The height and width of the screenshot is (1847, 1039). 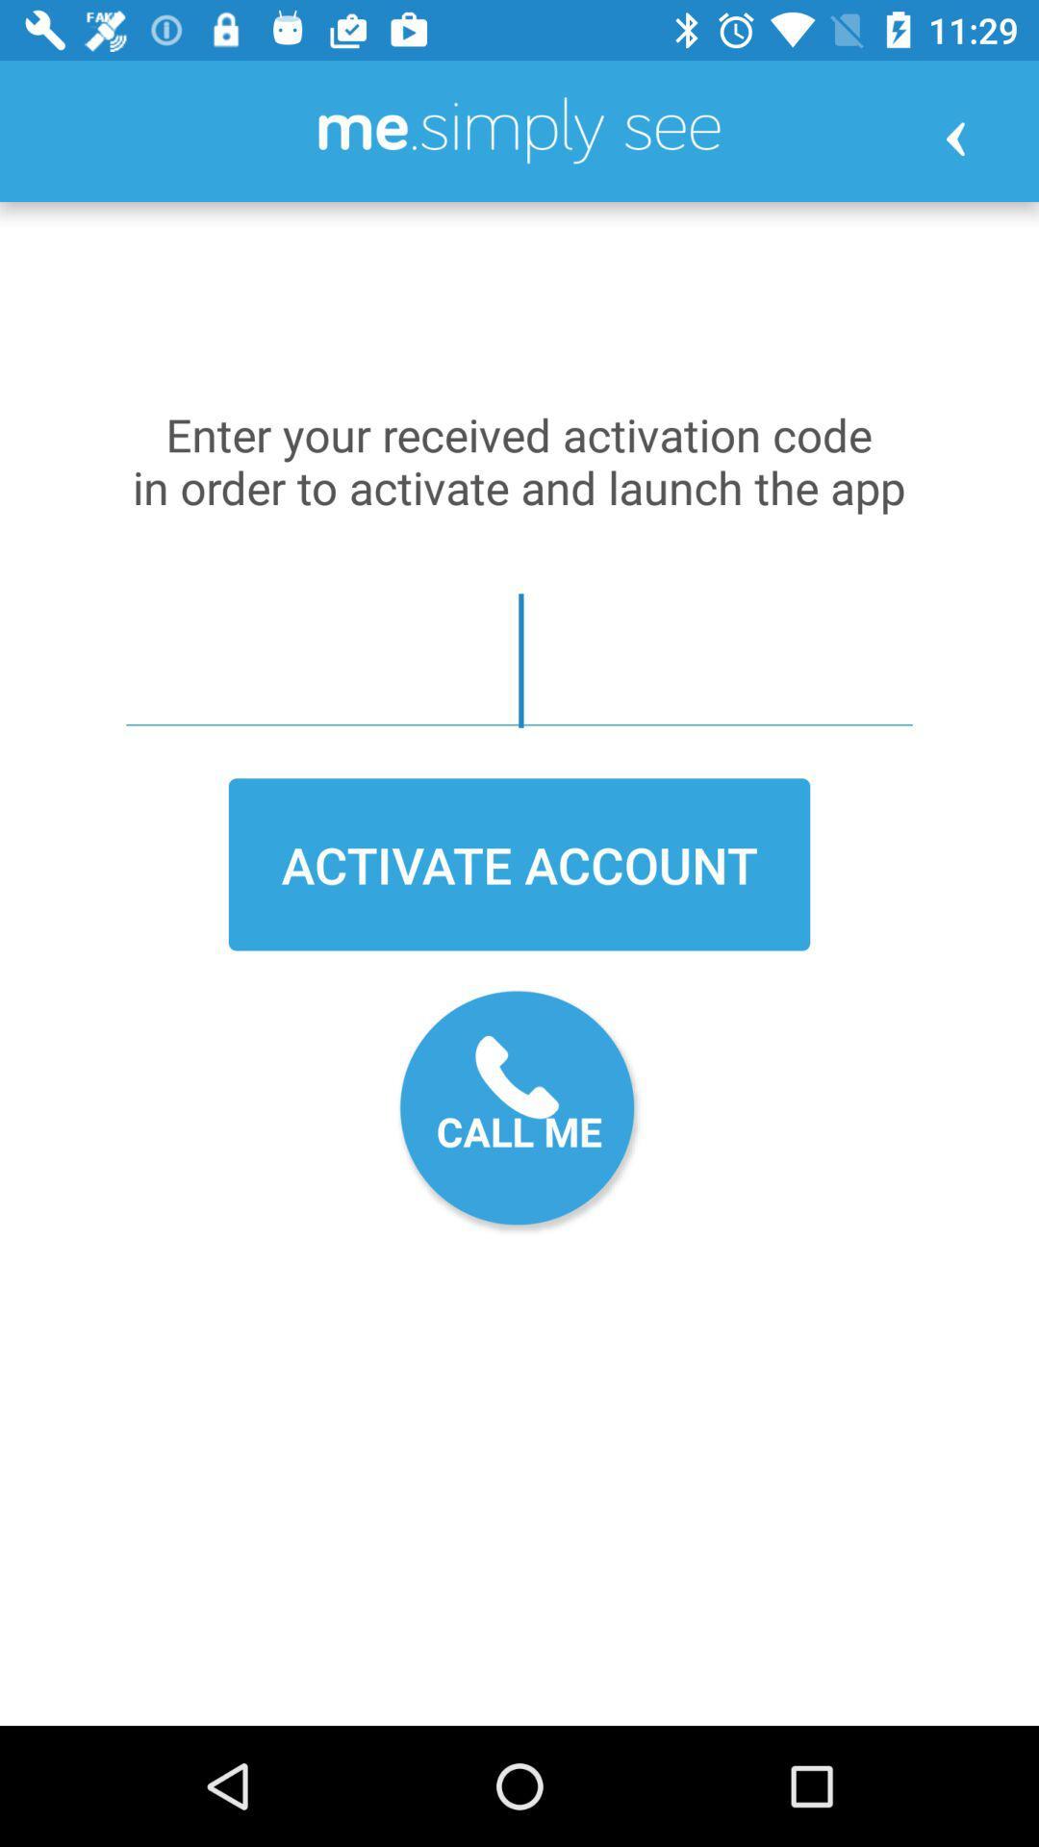 I want to click on item above the activate account item, so click(x=519, y=660).